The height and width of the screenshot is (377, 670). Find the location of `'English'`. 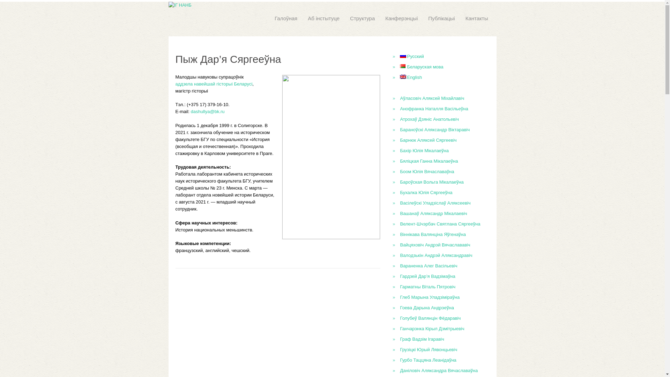

'English' is located at coordinates (411, 77).